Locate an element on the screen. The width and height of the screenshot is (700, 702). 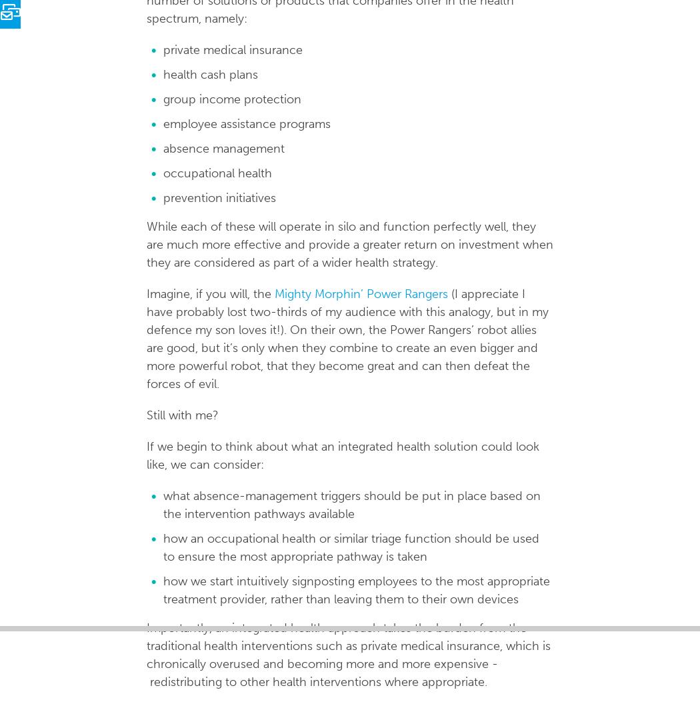
'absence management' is located at coordinates (163, 149).